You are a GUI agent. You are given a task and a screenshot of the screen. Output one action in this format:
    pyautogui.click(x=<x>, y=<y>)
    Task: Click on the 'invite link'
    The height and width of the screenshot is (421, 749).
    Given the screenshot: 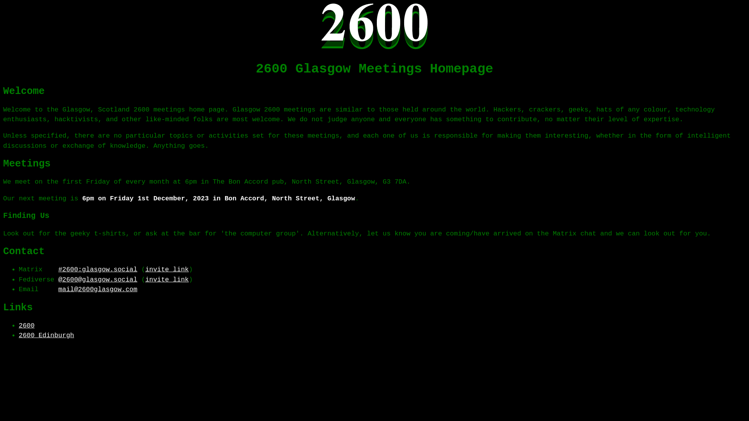 What is the action you would take?
    pyautogui.click(x=166, y=279)
    